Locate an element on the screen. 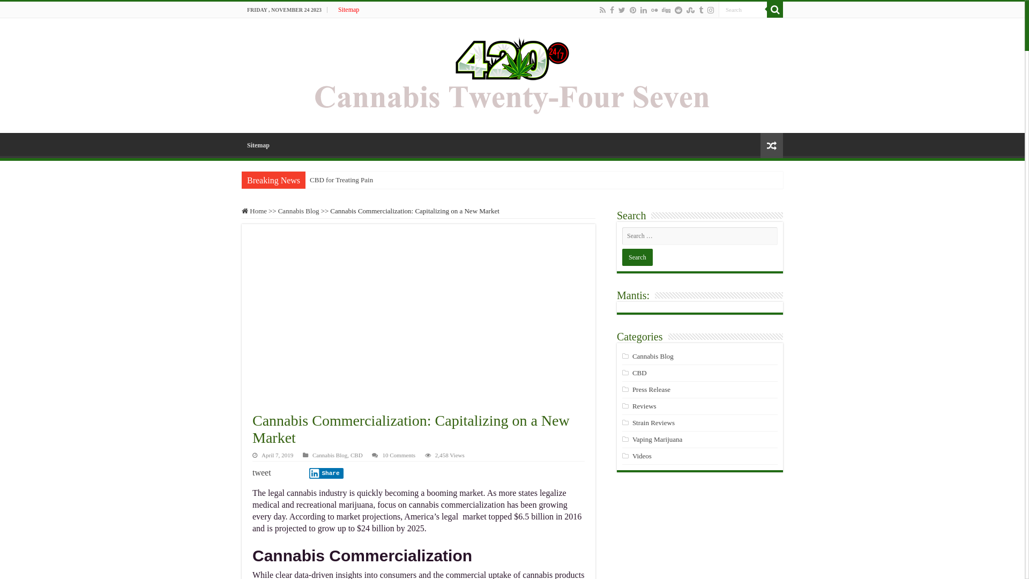 This screenshot has width=1029, height=579. '10 Comments' is located at coordinates (398, 455).